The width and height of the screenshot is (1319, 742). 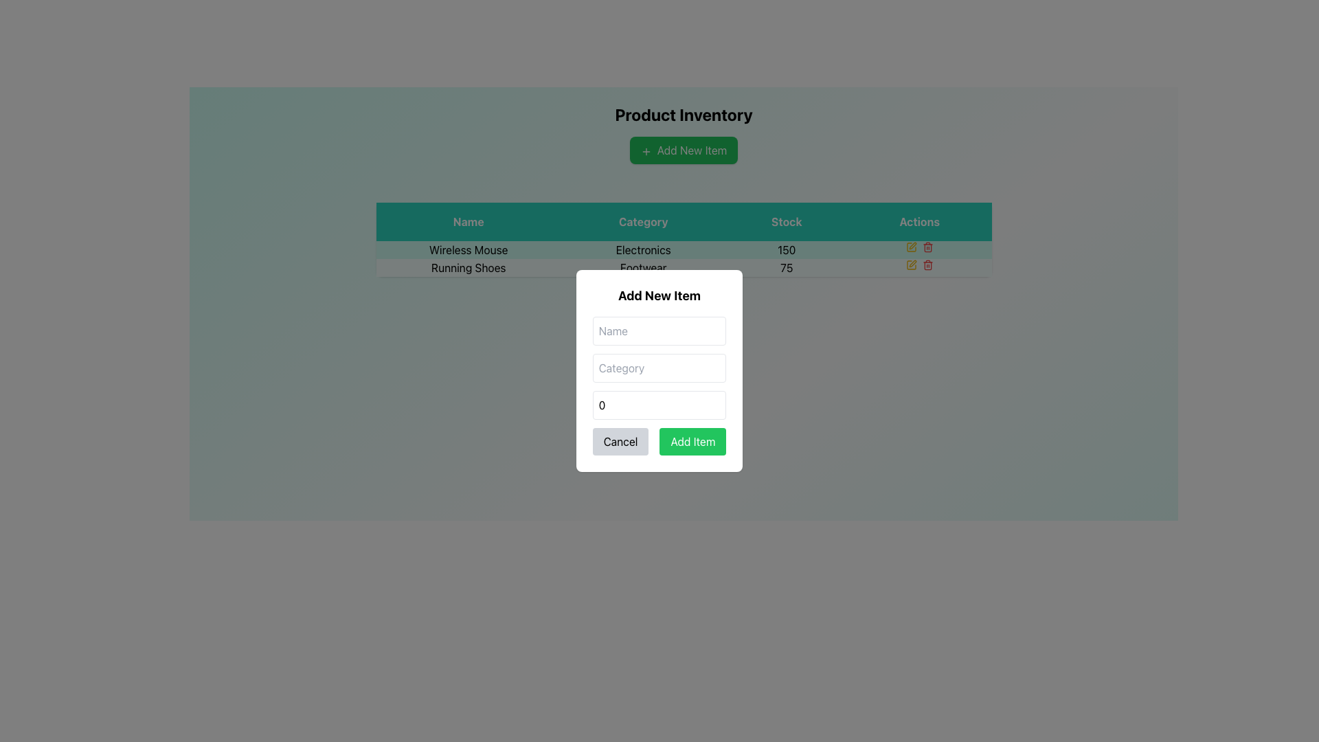 What do you see at coordinates (692, 442) in the screenshot?
I see `the green 'Add Item' button located at the lower-right corner of the modal dialog box` at bounding box center [692, 442].